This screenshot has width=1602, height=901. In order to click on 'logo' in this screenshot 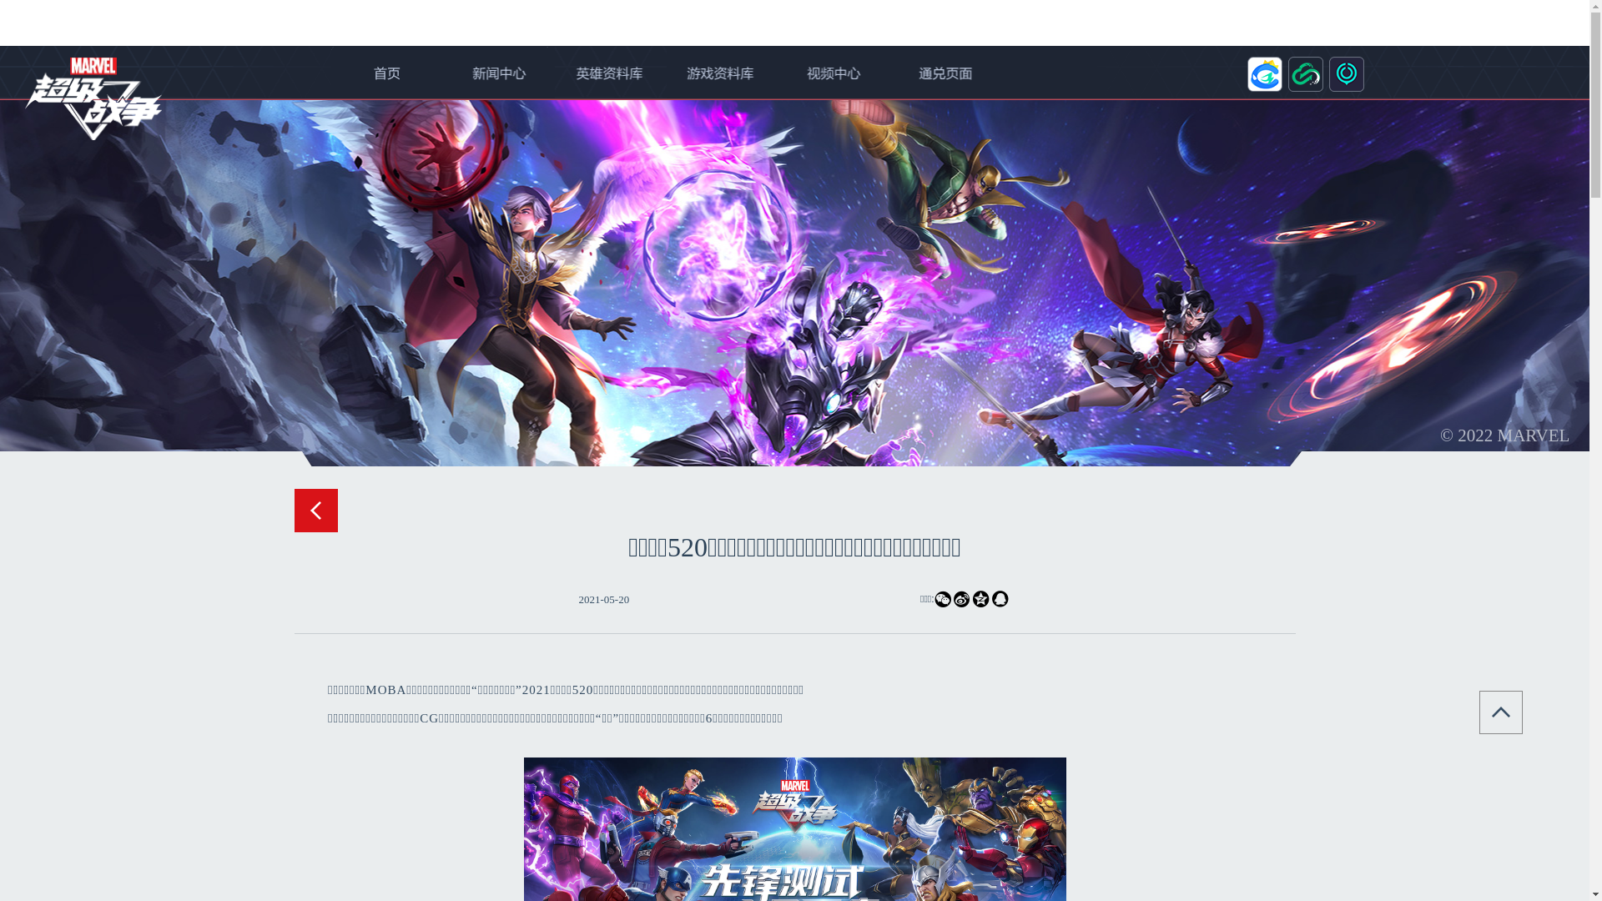, I will do `click(92, 98)`.